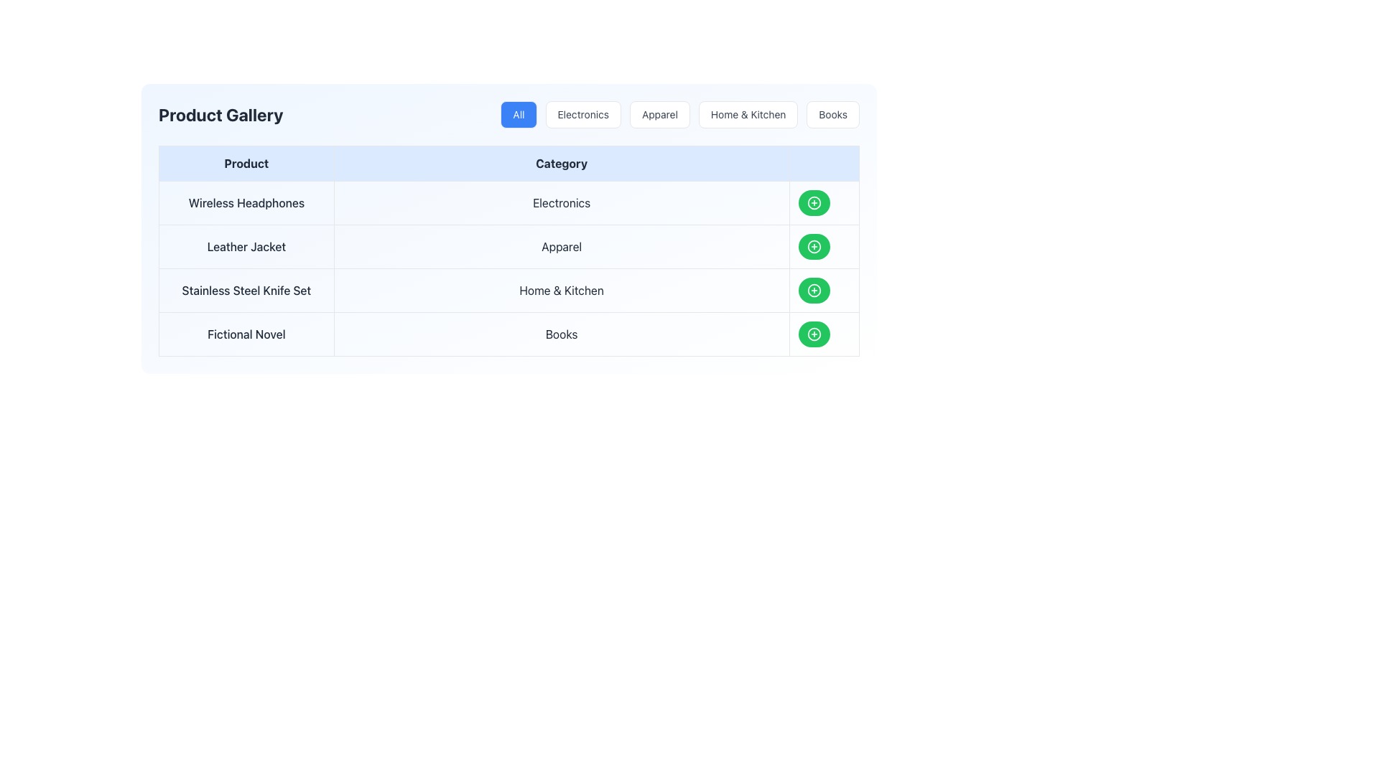 The height and width of the screenshot is (775, 1379). What do you see at coordinates (814, 334) in the screenshot?
I see `the SVG circle element that is part of the 'plus-circle' icon located in the rightmost column of the last row of a tabular structure` at bounding box center [814, 334].